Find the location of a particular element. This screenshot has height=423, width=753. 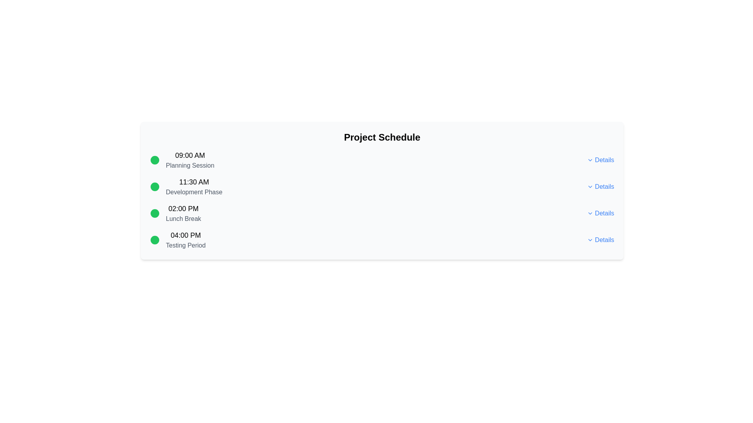

the downward chevron icon located to the left of the 'Details' label is located at coordinates (590, 187).